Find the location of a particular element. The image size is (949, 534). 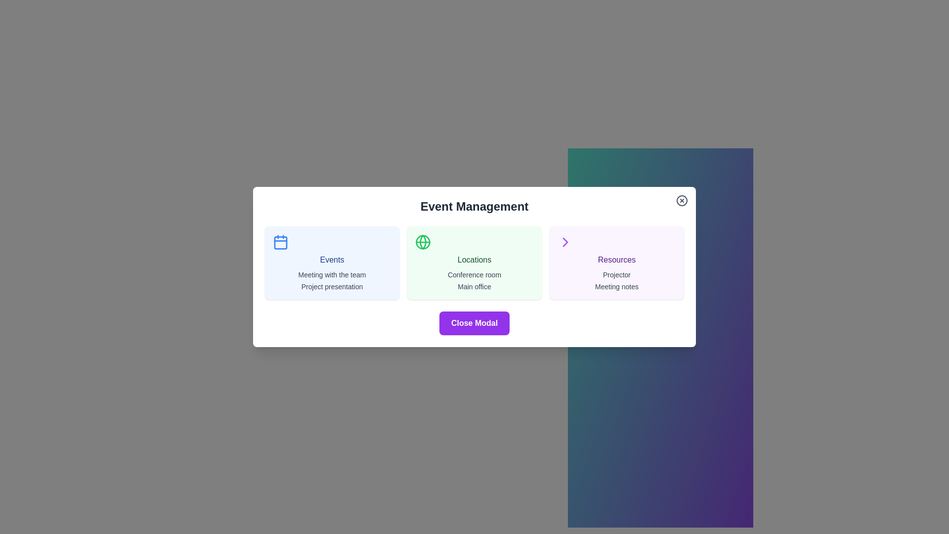

the 'Locations' header text is located at coordinates (474, 259).